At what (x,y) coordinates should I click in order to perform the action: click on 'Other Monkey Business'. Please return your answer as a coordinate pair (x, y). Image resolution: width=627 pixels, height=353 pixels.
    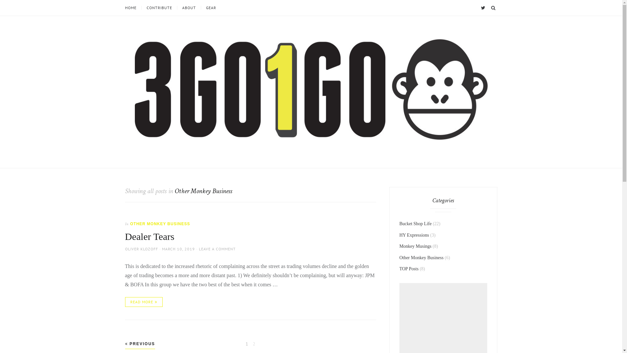
    Looking at the image, I should click on (421, 257).